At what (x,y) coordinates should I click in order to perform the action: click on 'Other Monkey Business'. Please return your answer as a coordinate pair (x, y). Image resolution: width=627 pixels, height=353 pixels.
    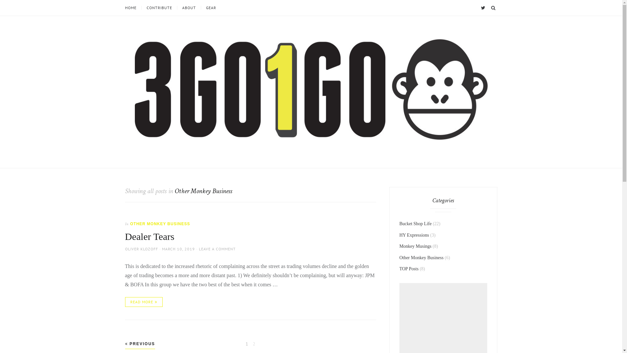
    Looking at the image, I should click on (421, 257).